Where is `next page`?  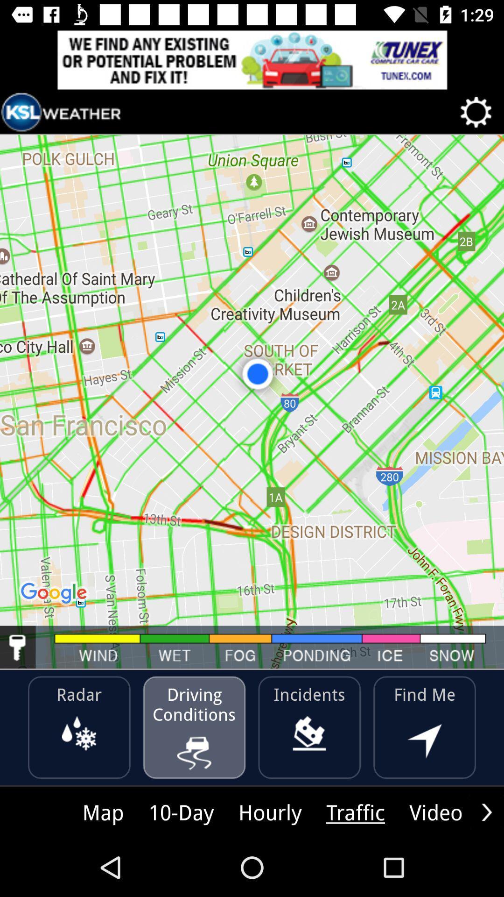
next page is located at coordinates (486, 812).